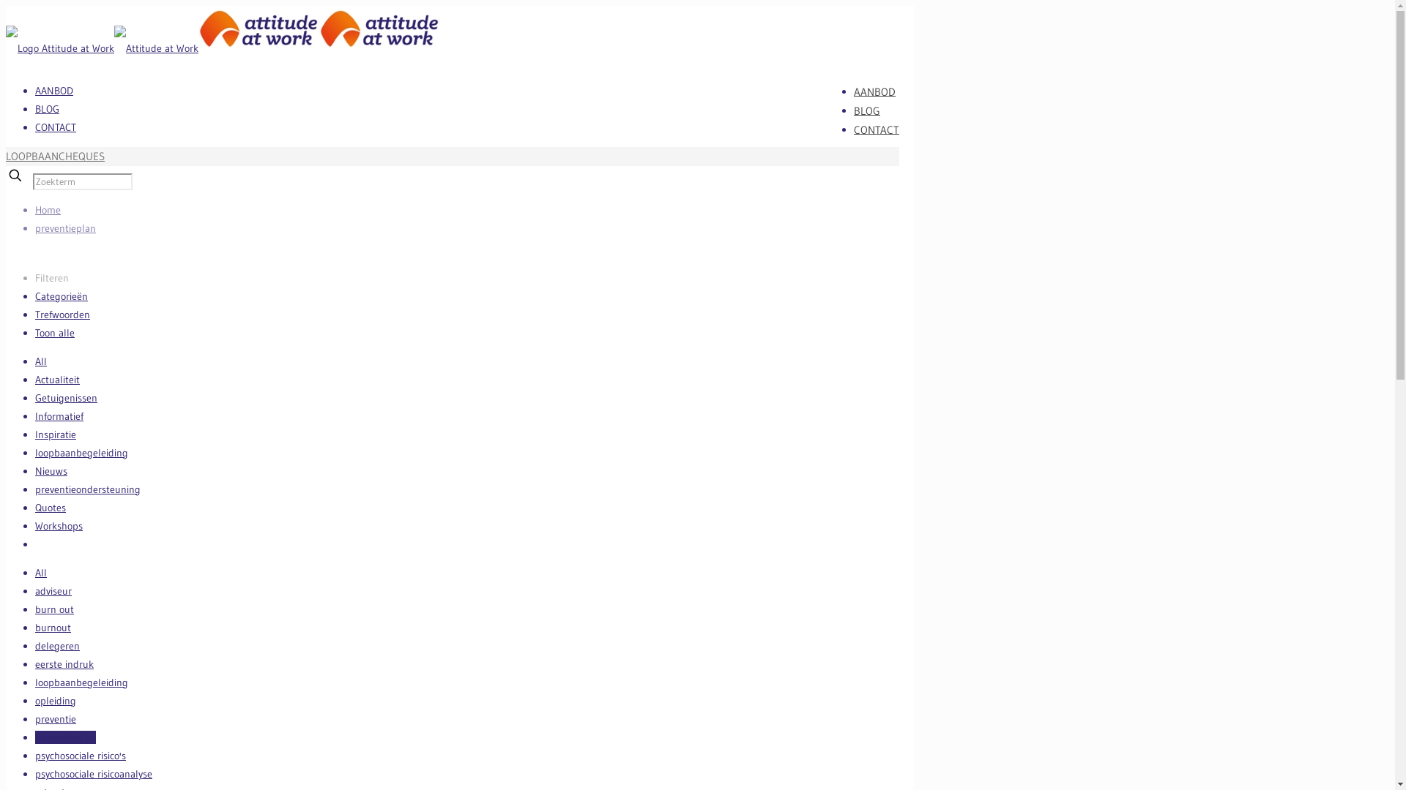  What do you see at coordinates (93, 772) in the screenshot?
I see `'psychosociale risicoanalyse'` at bounding box center [93, 772].